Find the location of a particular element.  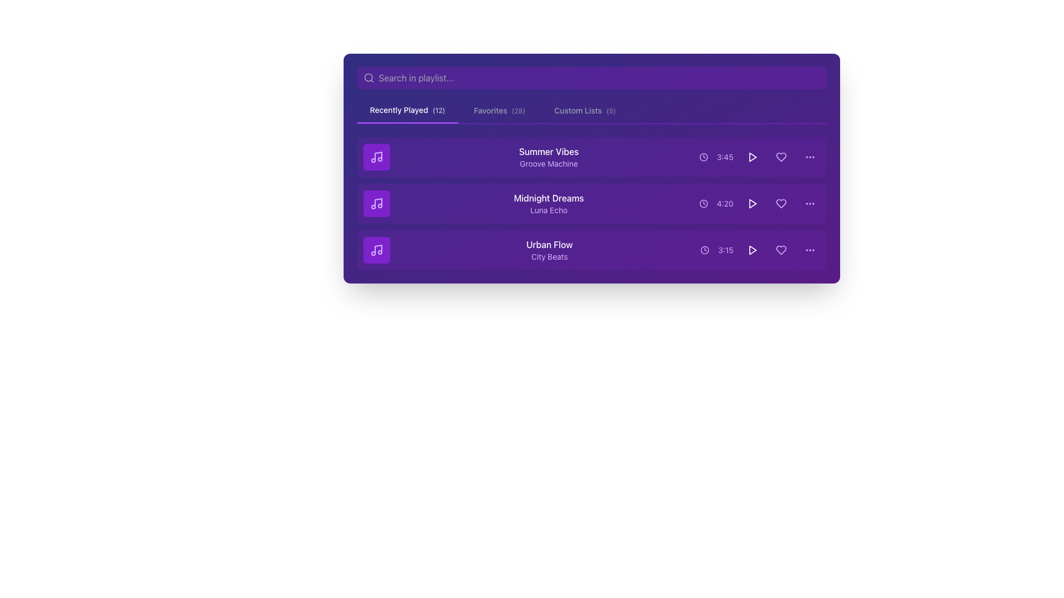

the play button located to the right of the duration and next to the heart-shaped button in the second row of the playlist items for keyboard interaction is located at coordinates (752, 203).